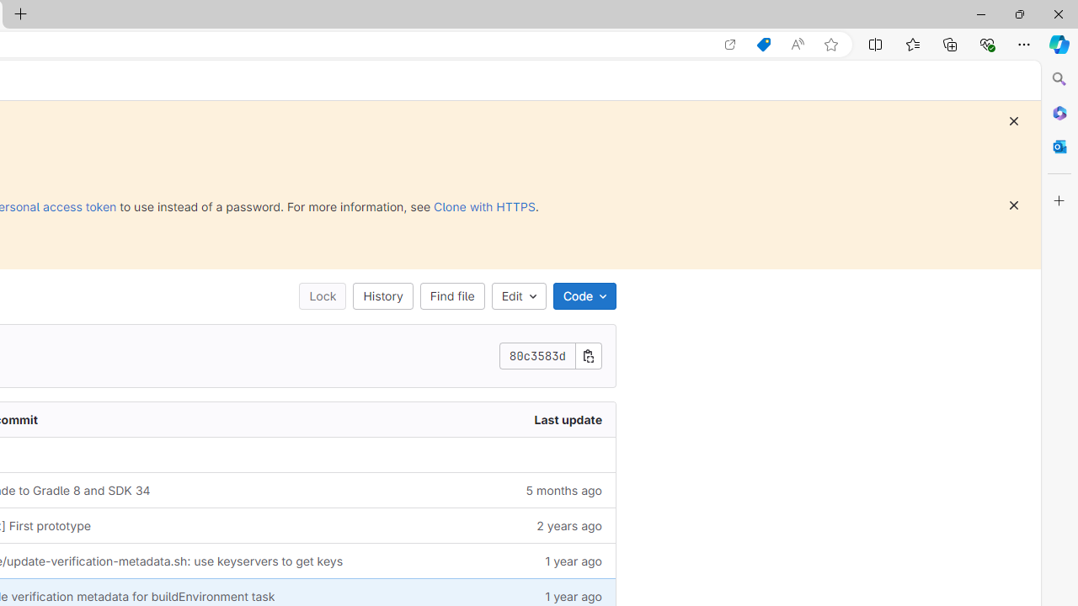  Describe the element at coordinates (451, 295) in the screenshot. I see `'Find file'` at that location.